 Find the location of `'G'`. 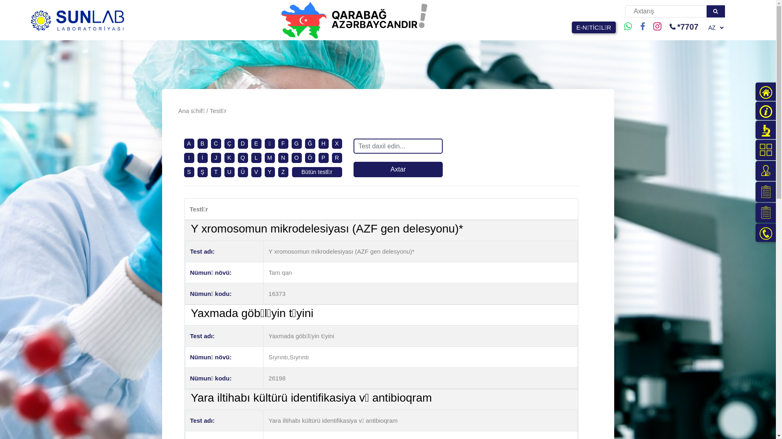

'G' is located at coordinates (296, 143).